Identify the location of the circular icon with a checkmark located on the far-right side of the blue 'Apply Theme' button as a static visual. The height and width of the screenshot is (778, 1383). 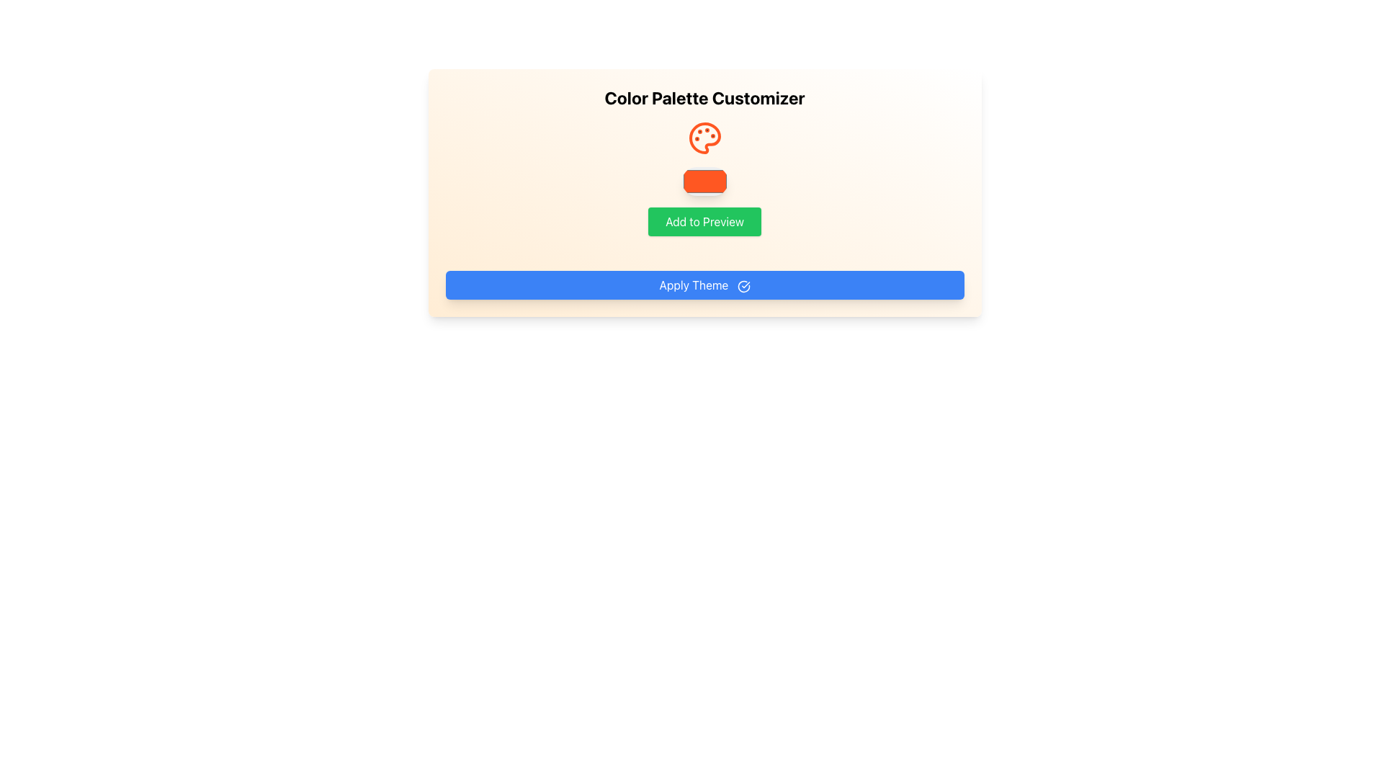
(743, 286).